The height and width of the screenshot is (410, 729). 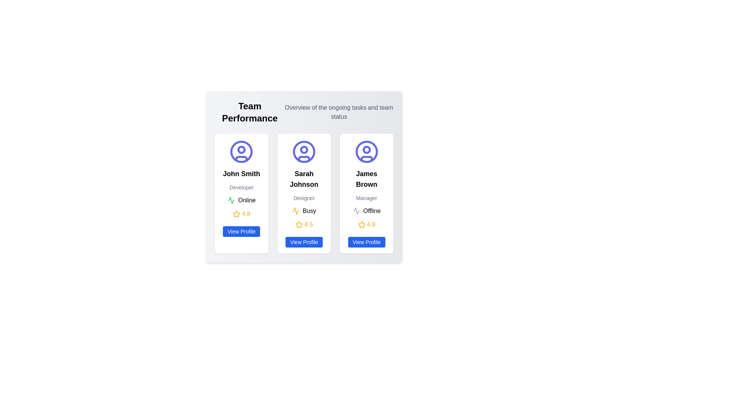 I want to click on the yellow star icon with a hollow center, which is part of the rating display for 'Sarah Johnson', located beneath the 'Busy' status indicator and adjacent to the rating number '4.5', so click(x=298, y=224).